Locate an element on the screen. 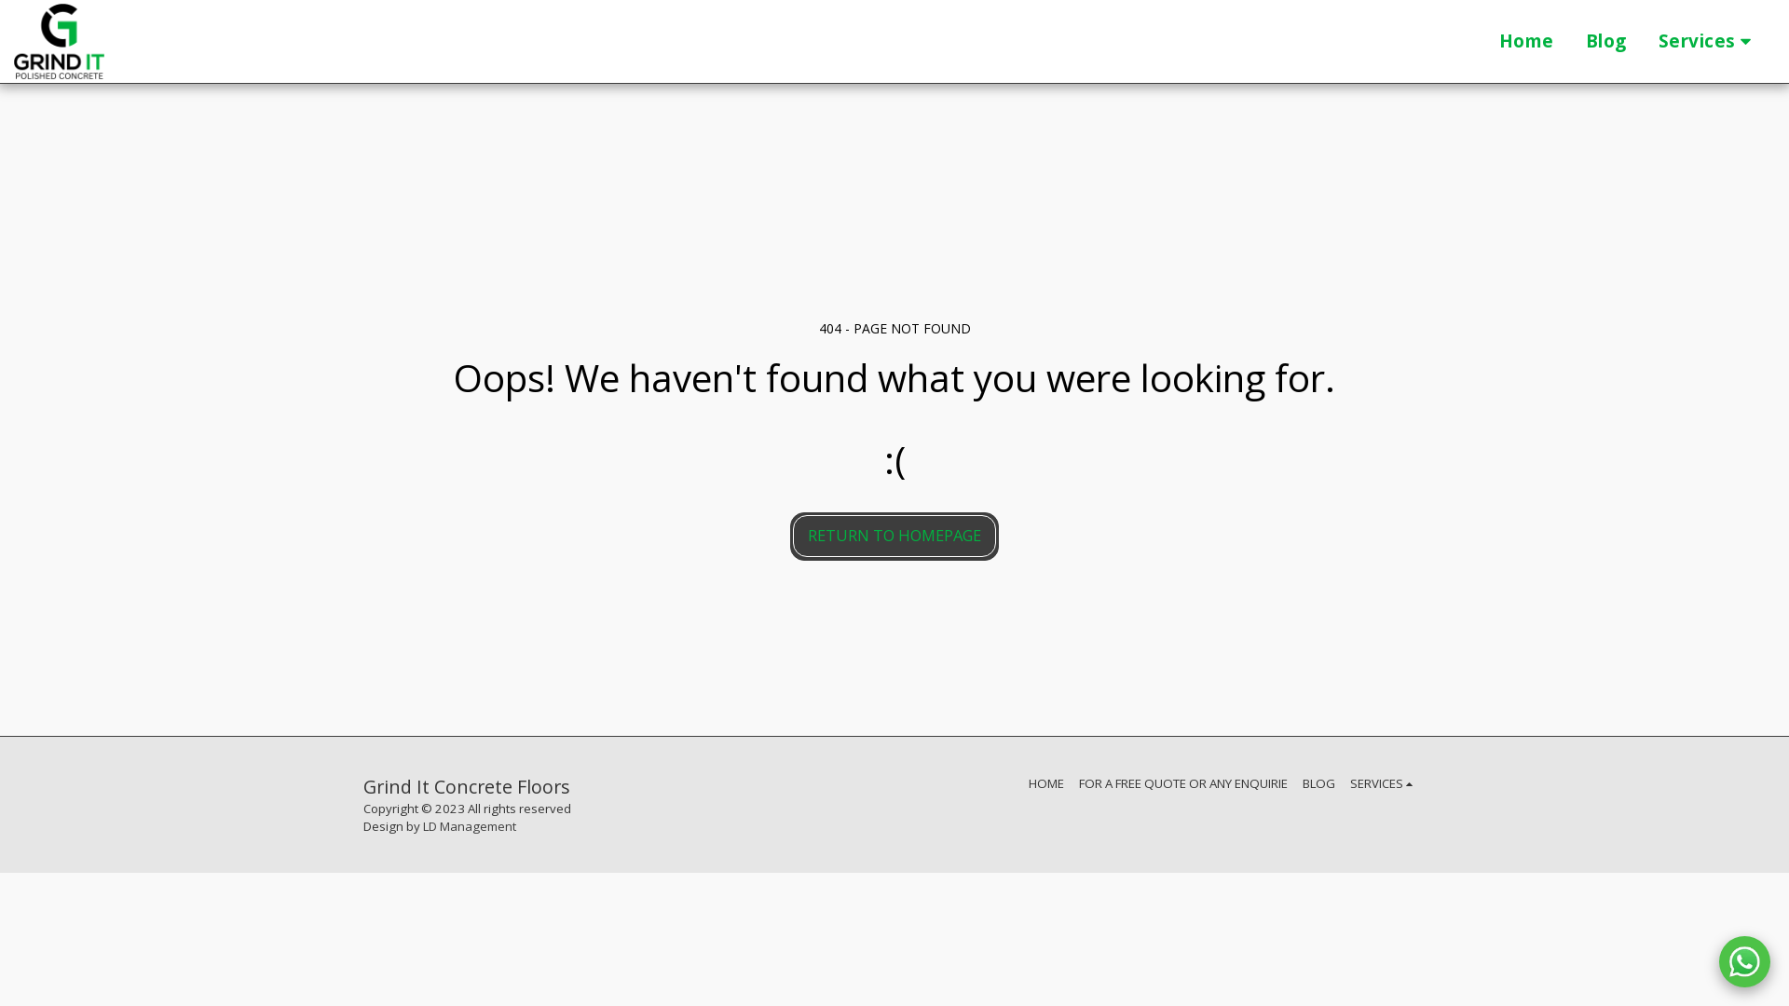 Image resolution: width=1789 pixels, height=1006 pixels. 'HOME' is located at coordinates (1046, 782).